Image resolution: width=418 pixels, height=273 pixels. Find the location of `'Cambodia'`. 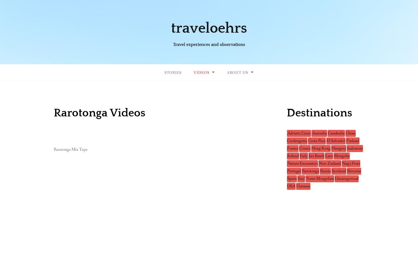

'Cambodia' is located at coordinates (328, 133).